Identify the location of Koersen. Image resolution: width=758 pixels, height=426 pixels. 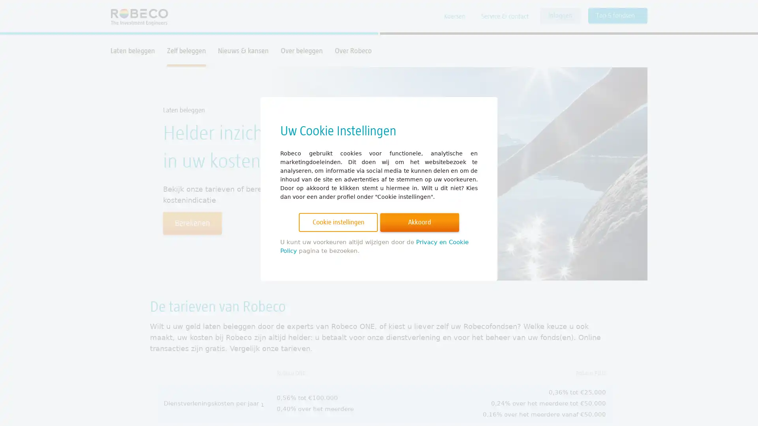
(455, 17).